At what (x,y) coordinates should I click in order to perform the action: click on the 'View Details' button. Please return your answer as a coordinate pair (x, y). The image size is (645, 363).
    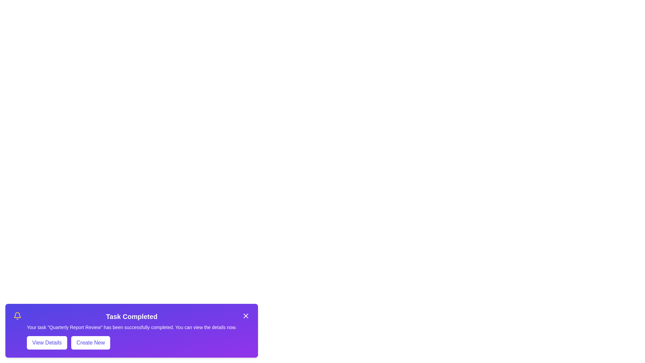
    Looking at the image, I should click on (46, 342).